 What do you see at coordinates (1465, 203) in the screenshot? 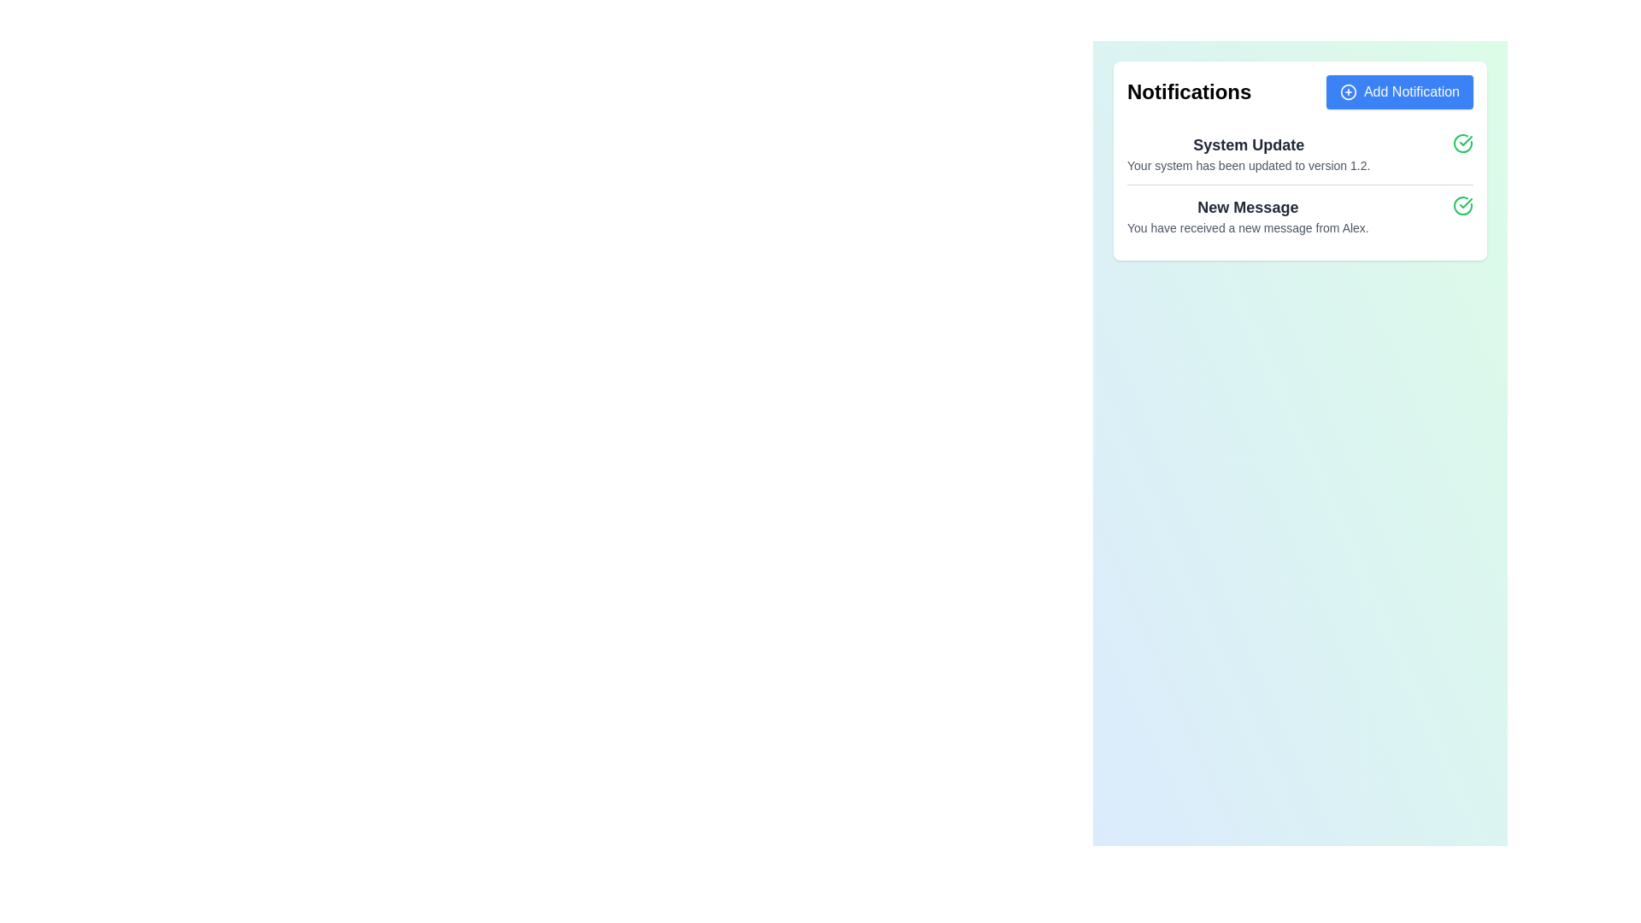
I see `the SVG checkmark element within the green circle located in the top-right corner of the 'System Update' notification card` at bounding box center [1465, 203].